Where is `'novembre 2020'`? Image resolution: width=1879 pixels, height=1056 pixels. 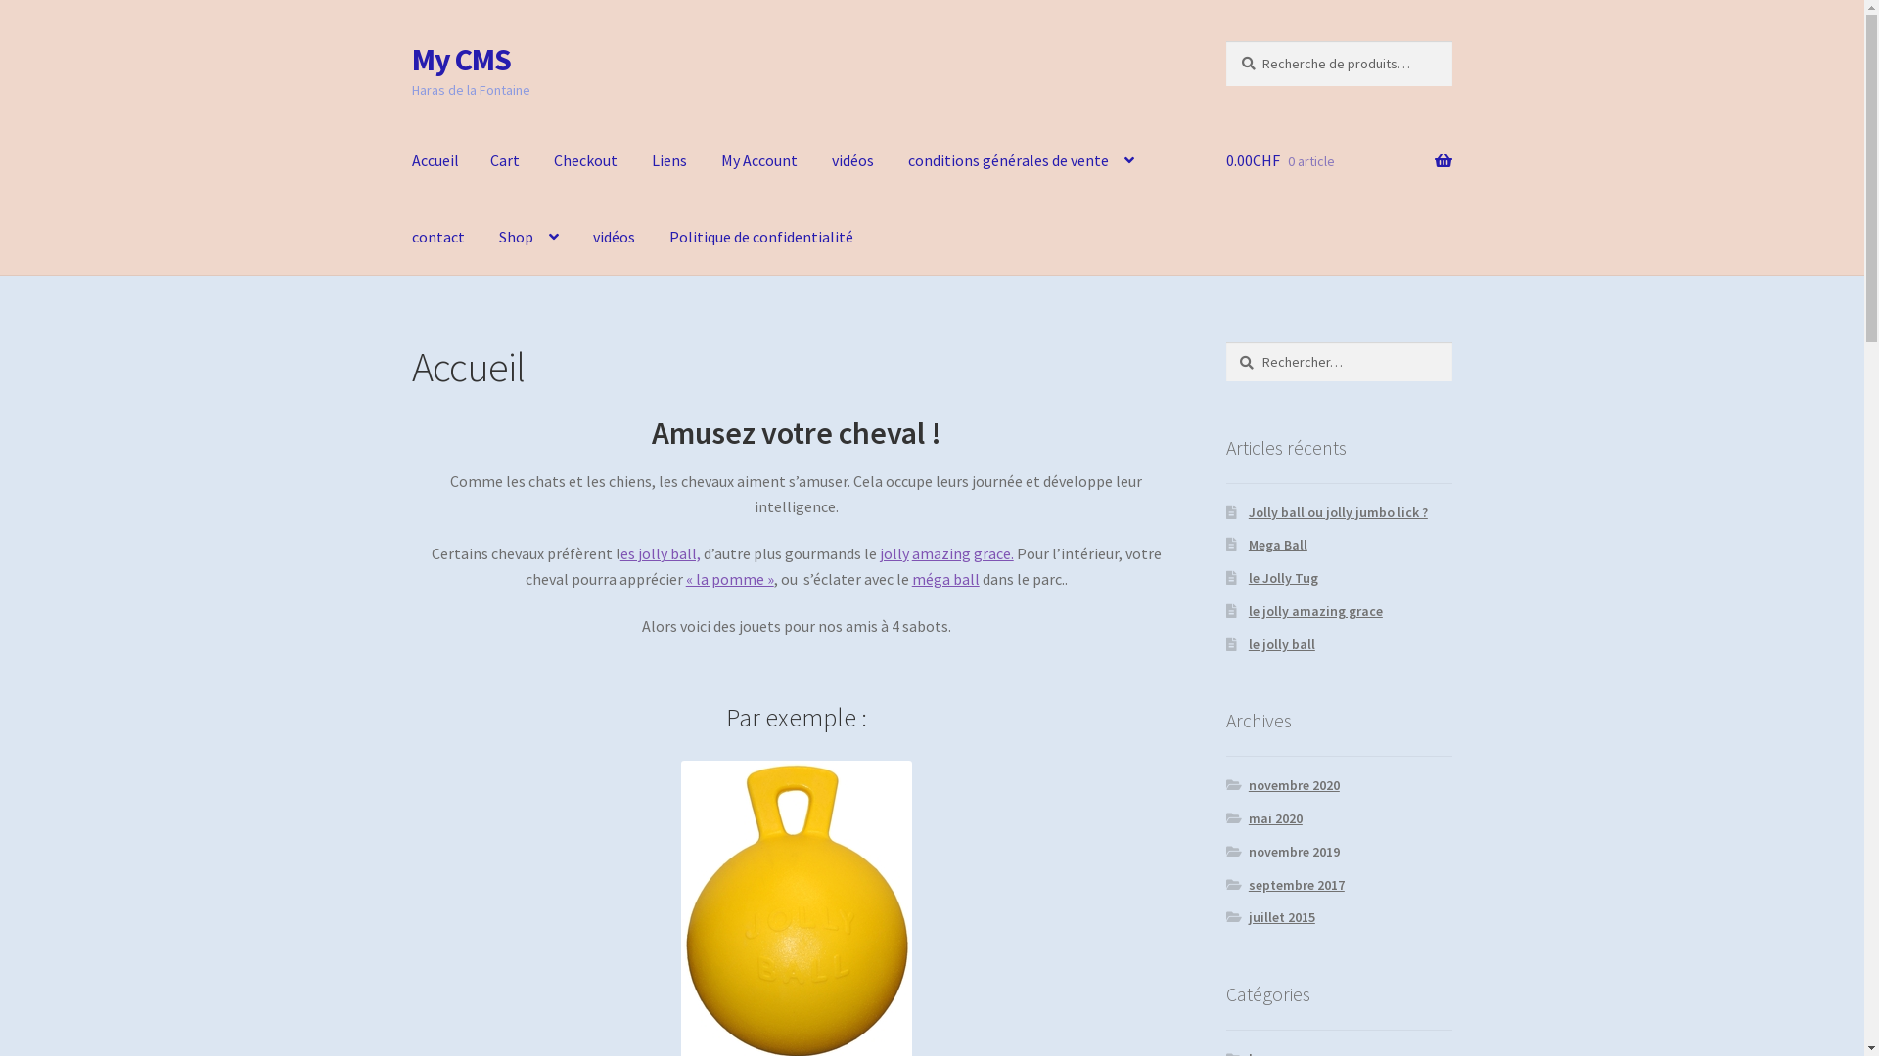
'novembre 2020' is located at coordinates (1294, 783).